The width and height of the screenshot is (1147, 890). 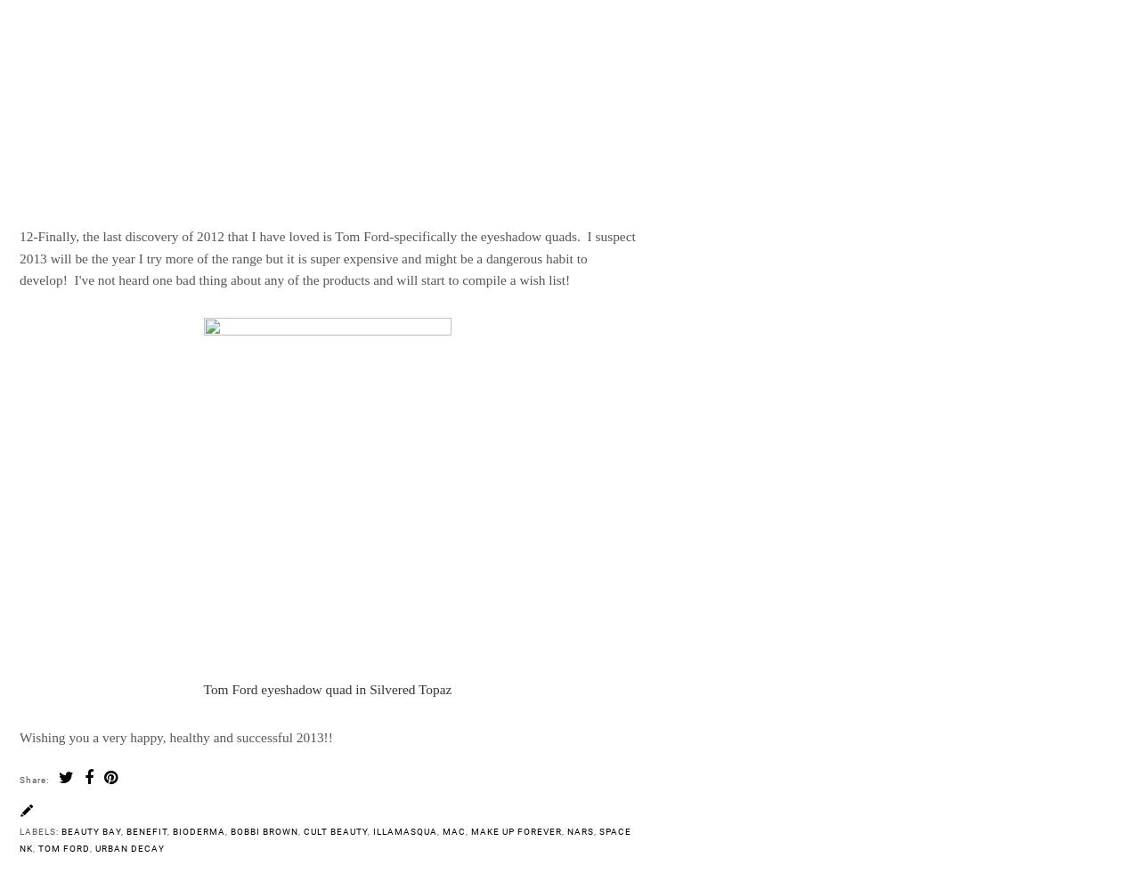 What do you see at coordinates (63, 846) in the screenshot?
I see `'Tom Ford'` at bounding box center [63, 846].